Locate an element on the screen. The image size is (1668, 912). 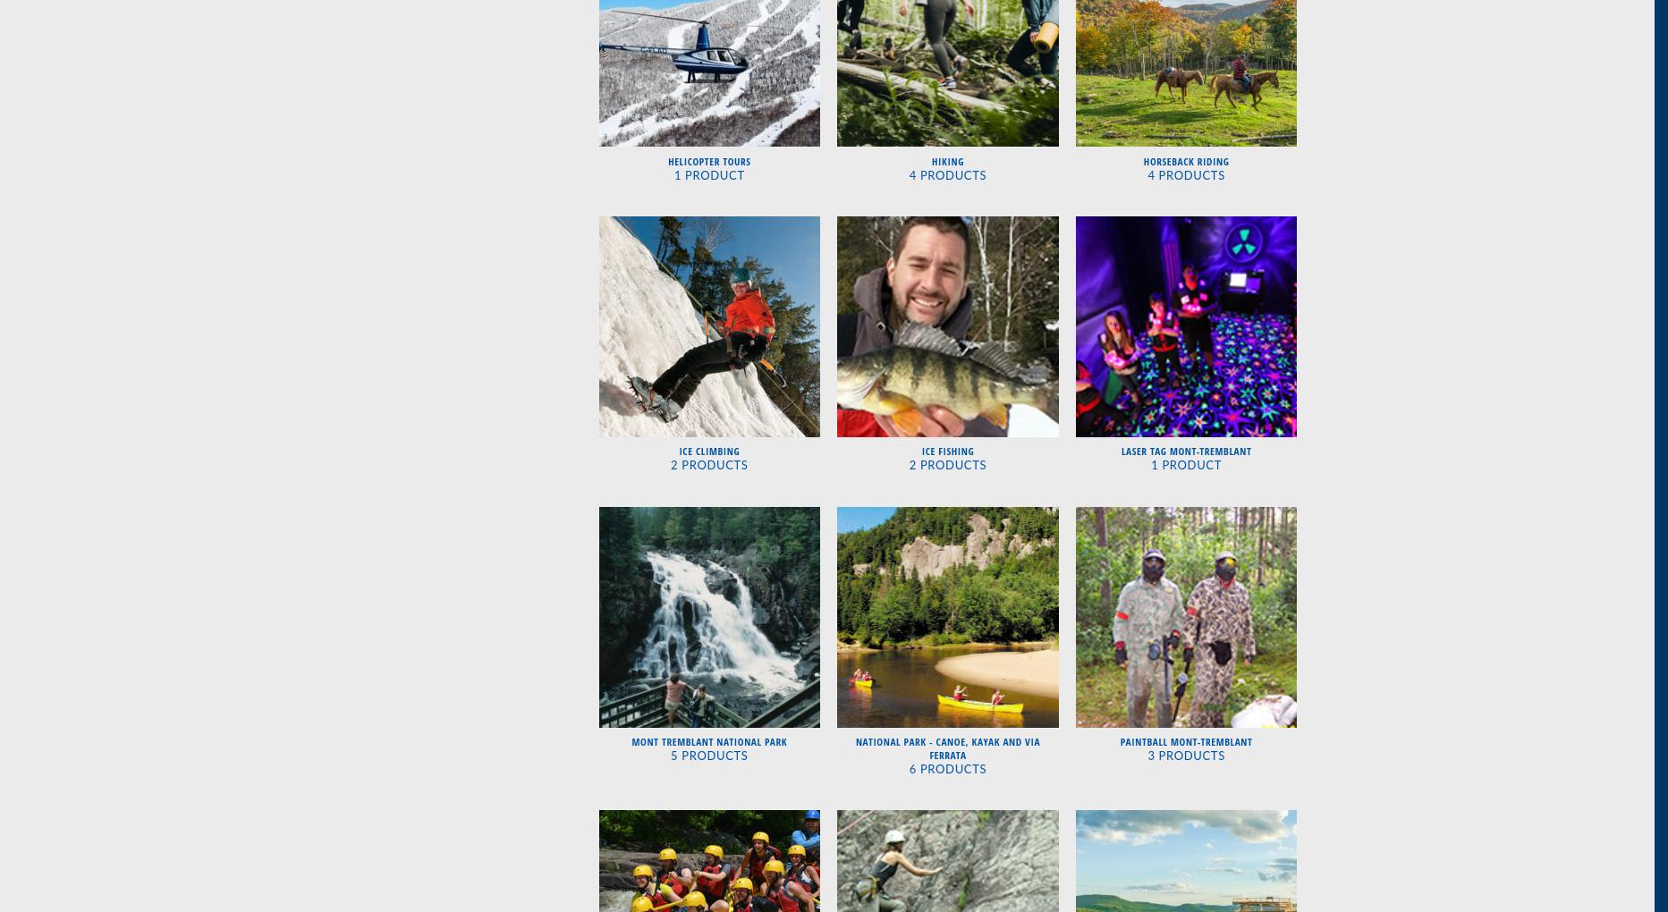
'Ice Climbing' is located at coordinates (679, 451).